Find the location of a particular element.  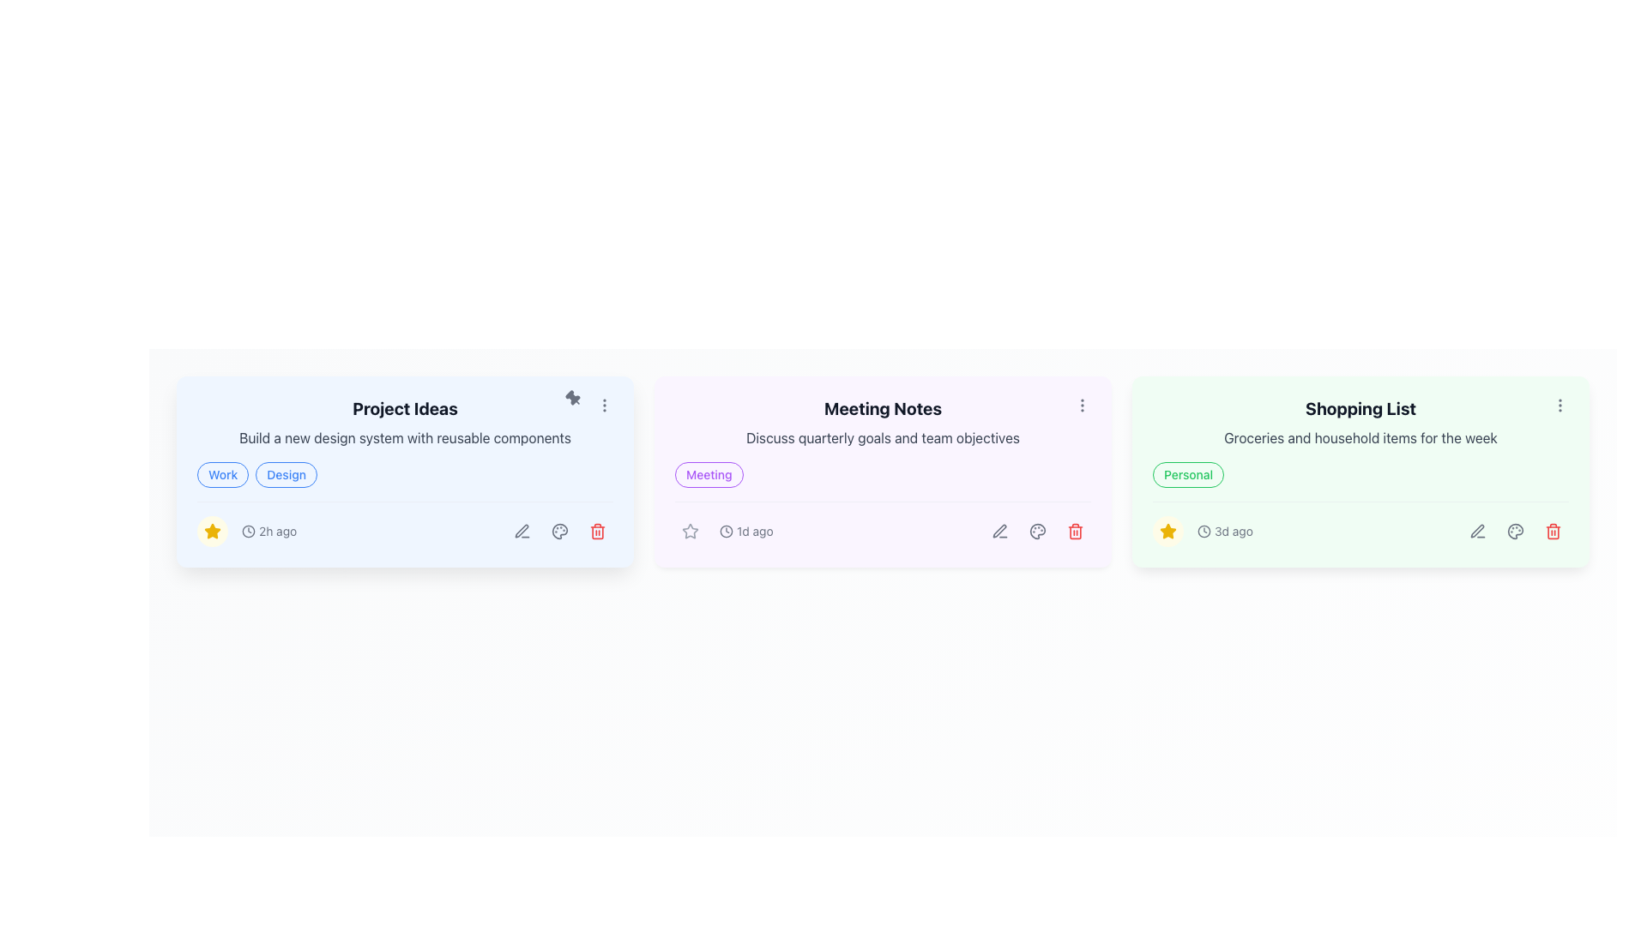

the 'Work' label located in the upper left portion of the card titled 'Project Ideas', which is part of a horizontal arrangement with the 'Design' label is located at coordinates (222, 475).